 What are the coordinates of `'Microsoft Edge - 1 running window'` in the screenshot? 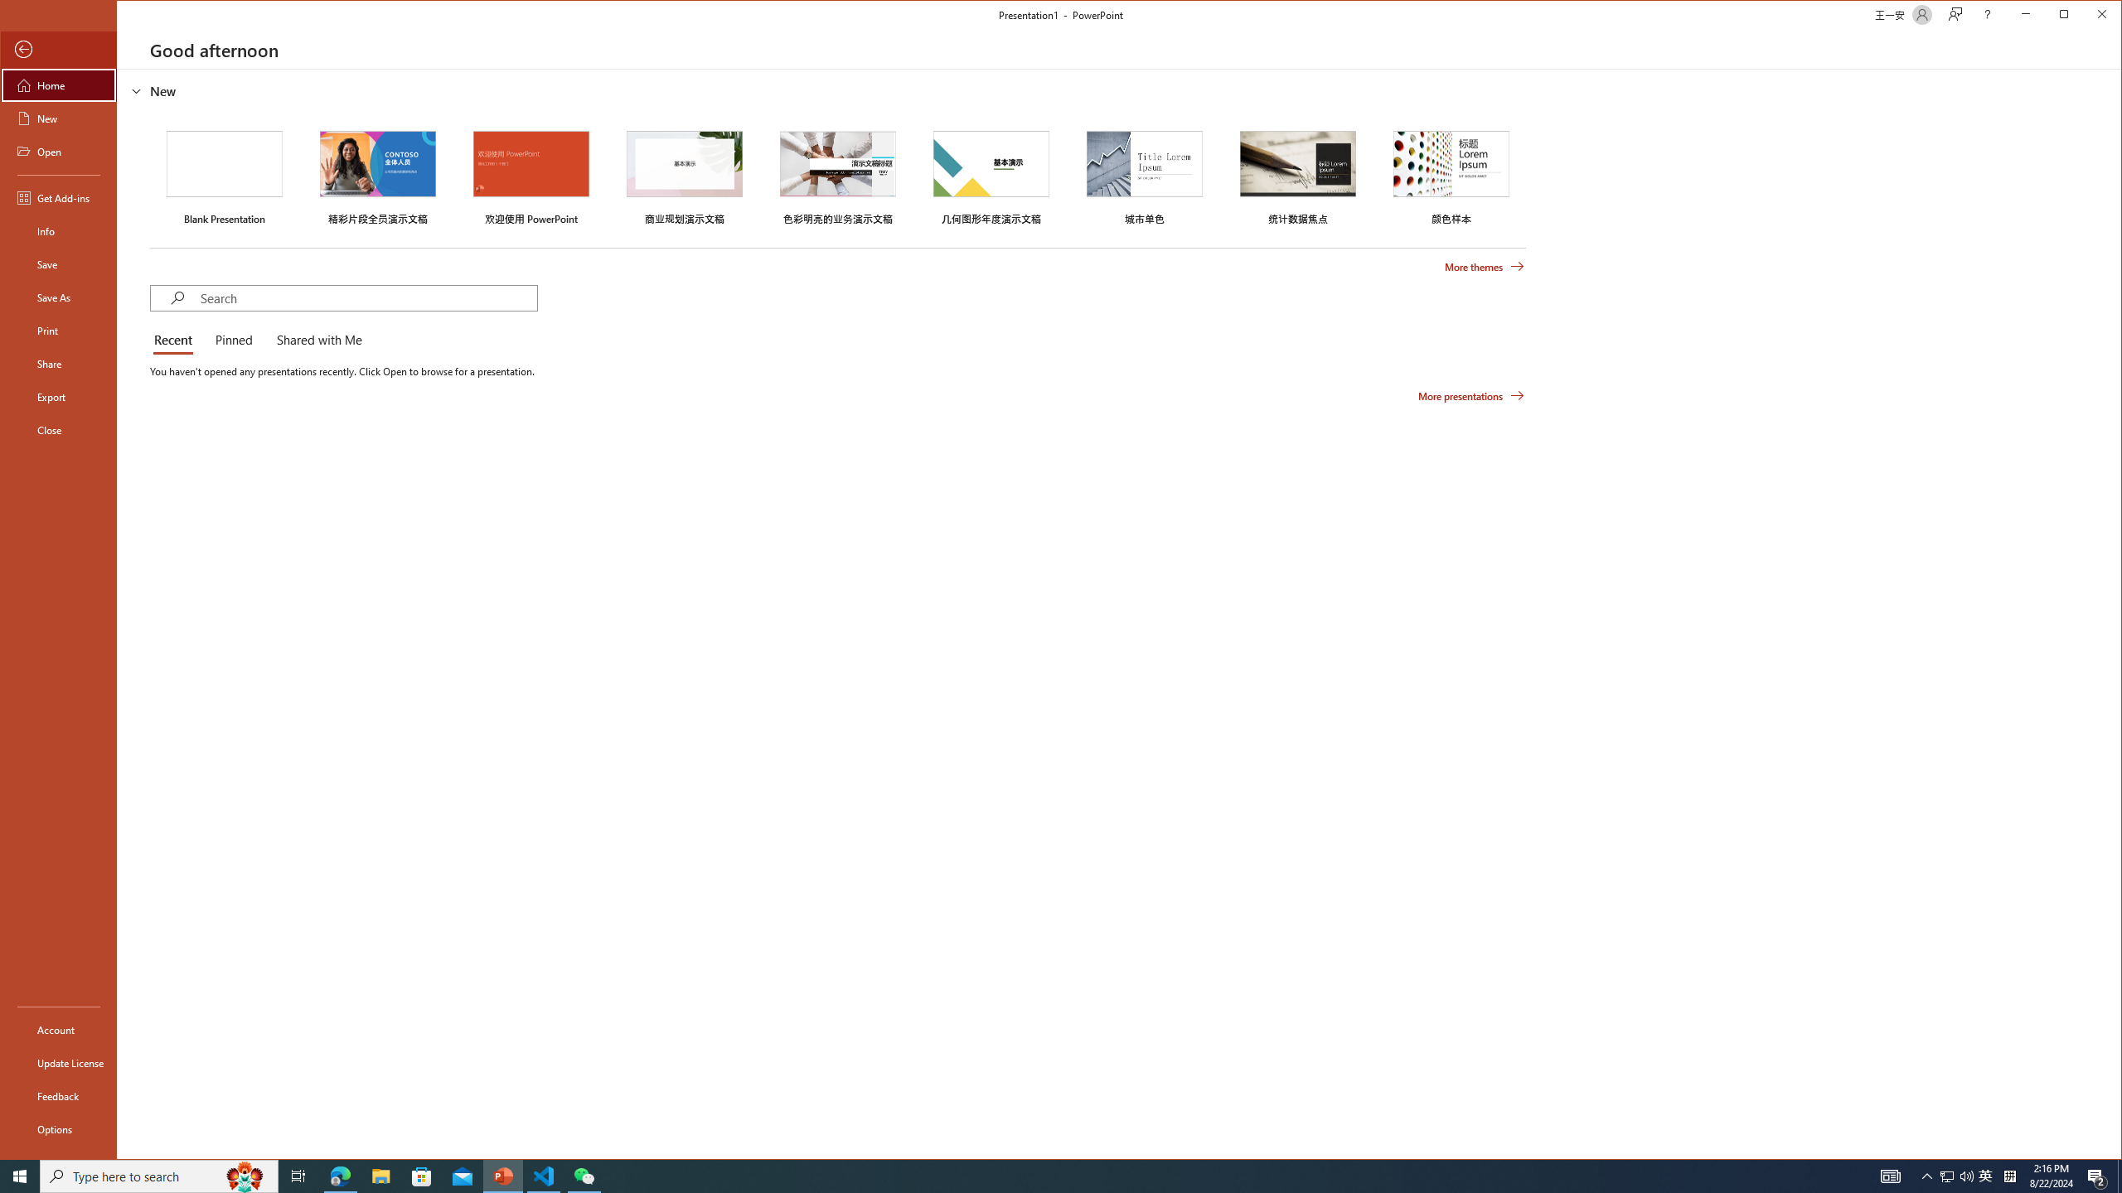 It's located at (339, 1175).